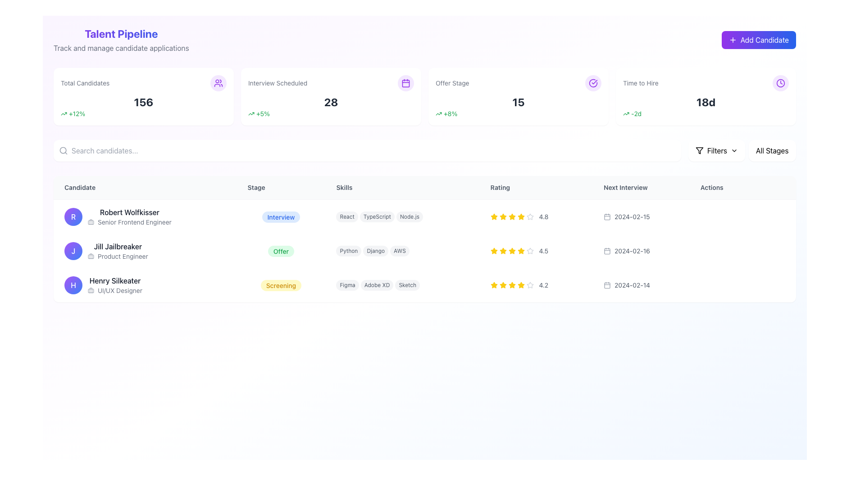 Image resolution: width=865 pixels, height=486 pixels. Describe the element at coordinates (530, 251) in the screenshot. I see `the third star icon in the 'Rating' column of the table` at that location.